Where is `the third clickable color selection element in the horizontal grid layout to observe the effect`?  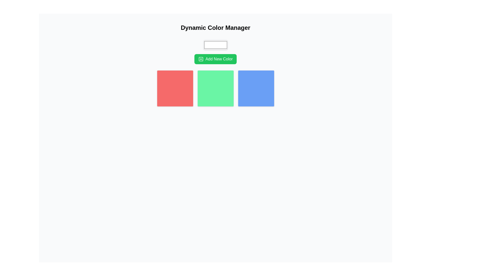 the third clickable color selection element in the horizontal grid layout to observe the effect is located at coordinates (256, 88).